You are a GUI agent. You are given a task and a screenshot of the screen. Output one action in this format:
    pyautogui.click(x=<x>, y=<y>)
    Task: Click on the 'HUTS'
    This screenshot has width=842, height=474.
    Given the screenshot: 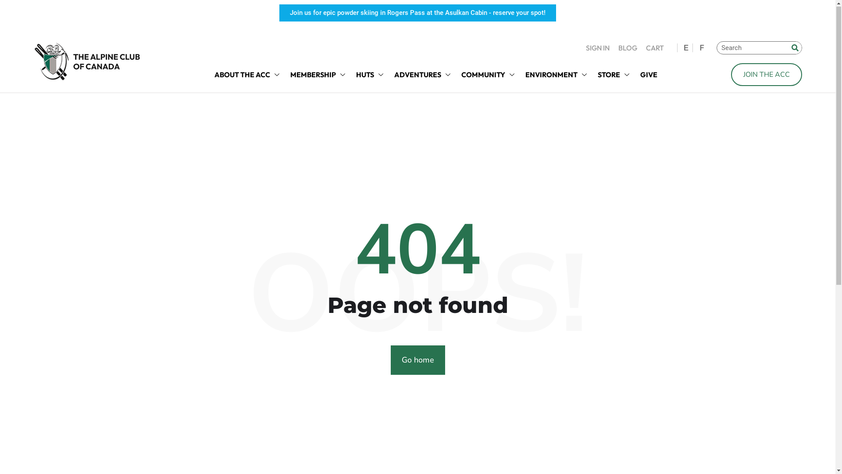 What is the action you would take?
    pyautogui.click(x=371, y=75)
    